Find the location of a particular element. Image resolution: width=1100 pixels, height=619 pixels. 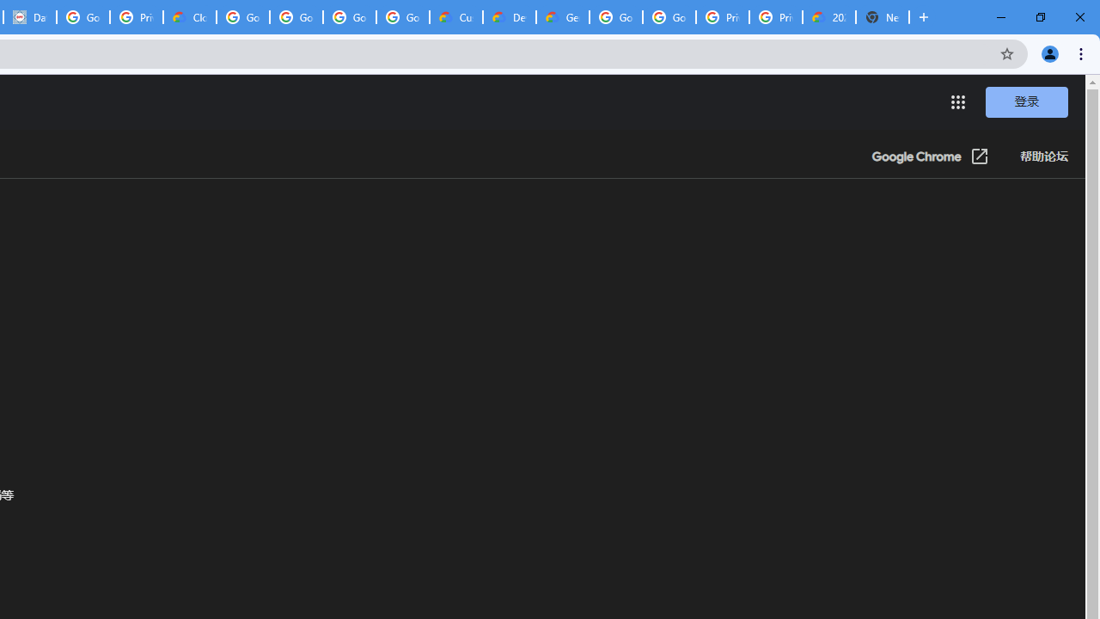

'Gemini for Business and Developers | Google Cloud' is located at coordinates (562, 17).